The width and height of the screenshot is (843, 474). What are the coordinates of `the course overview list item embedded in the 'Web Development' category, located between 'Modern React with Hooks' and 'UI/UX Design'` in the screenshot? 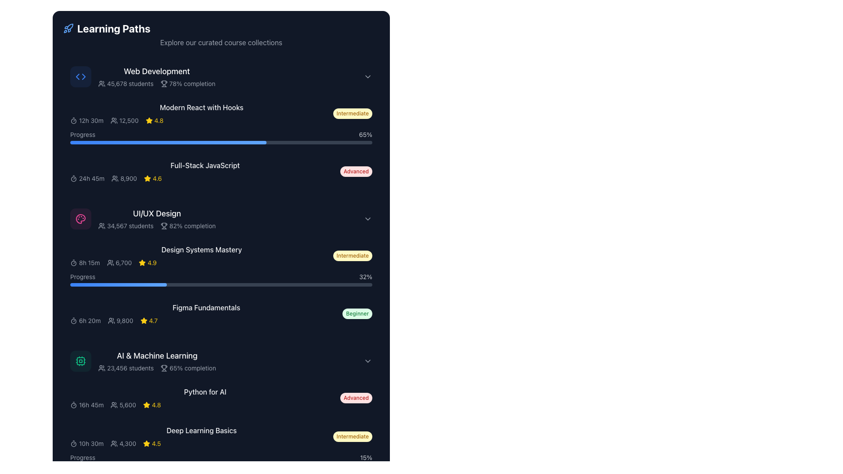 It's located at (221, 171).